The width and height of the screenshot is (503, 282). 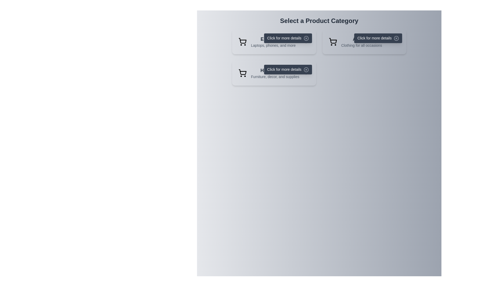 What do you see at coordinates (306, 38) in the screenshot?
I see `the Close icon, which is a gray circular button with a cross inside, located to the right of the 'Click for more details' text in the tooltip-style box` at bounding box center [306, 38].